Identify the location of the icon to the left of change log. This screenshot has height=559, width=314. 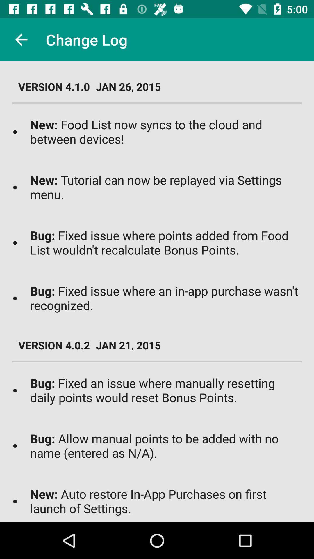
(21, 39).